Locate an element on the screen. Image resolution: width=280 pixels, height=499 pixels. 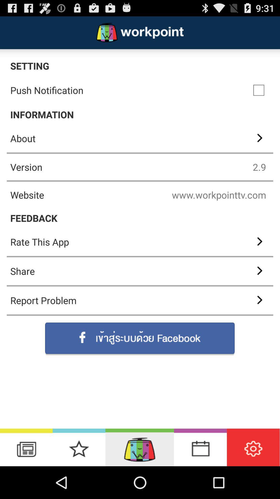
workpoint is located at coordinates (139, 447).